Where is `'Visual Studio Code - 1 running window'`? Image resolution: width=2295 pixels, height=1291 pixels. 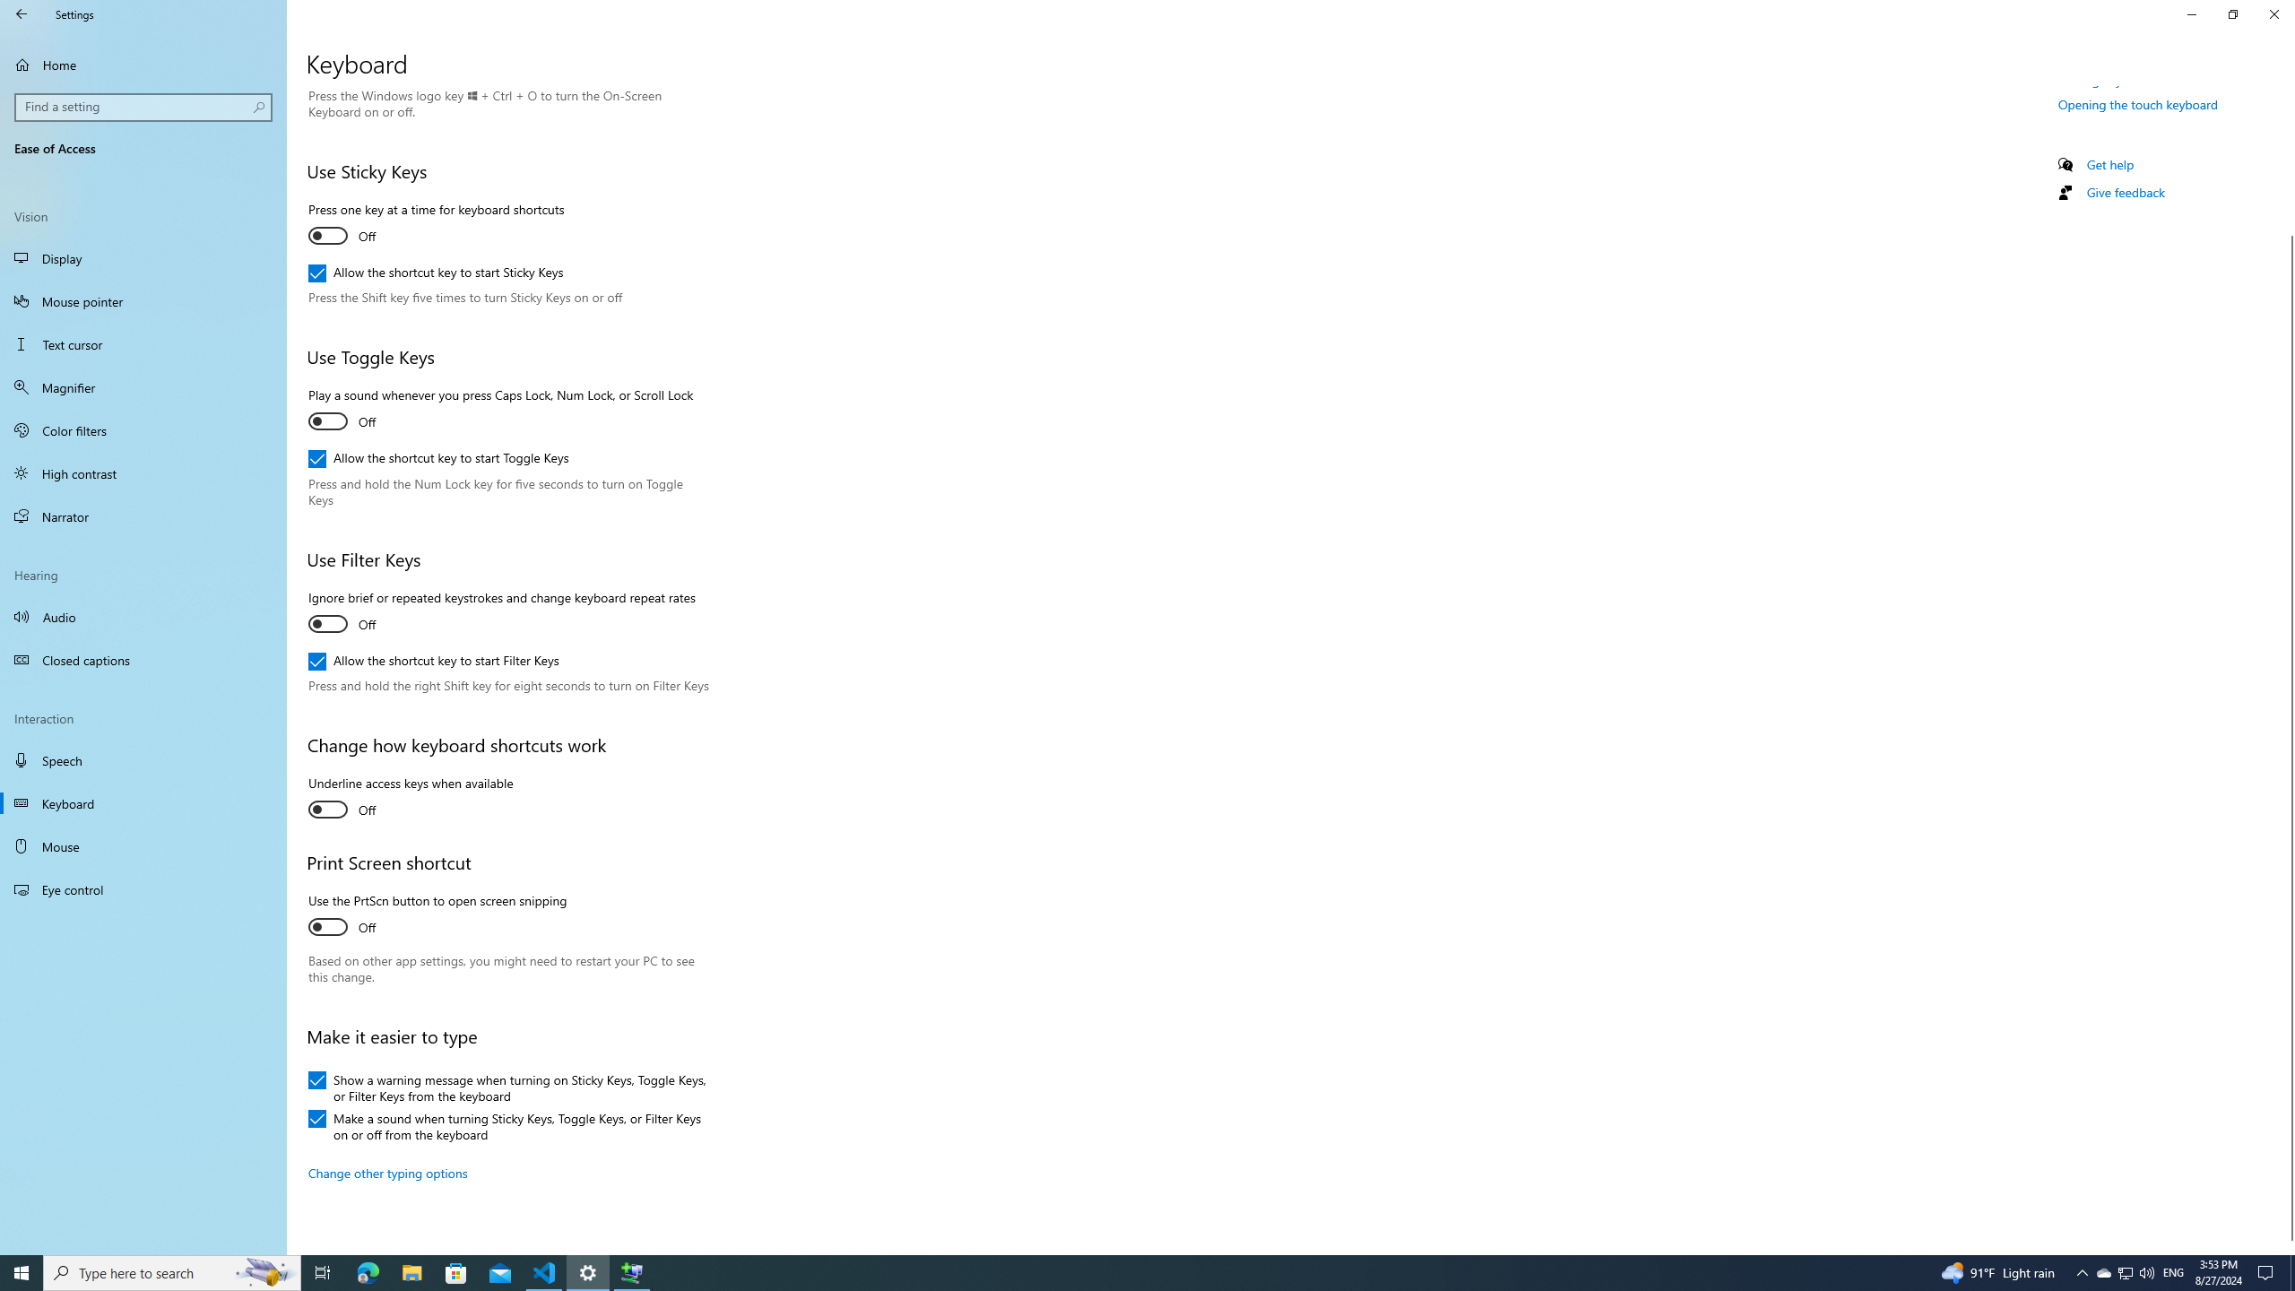
'Visual Studio Code - 1 running window' is located at coordinates (544, 1271).